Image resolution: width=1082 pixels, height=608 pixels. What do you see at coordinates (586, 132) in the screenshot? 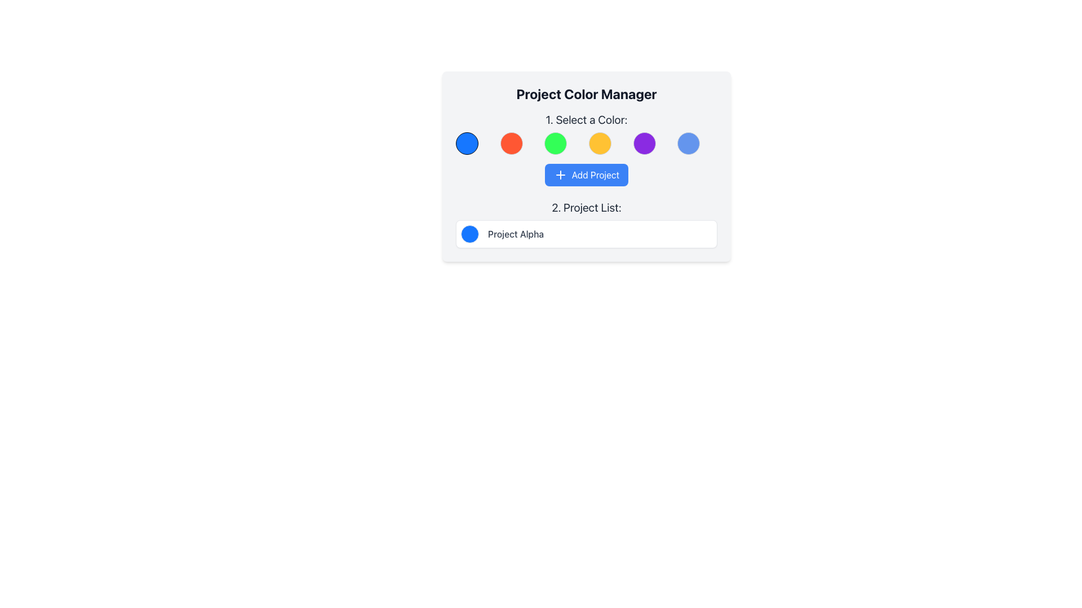
I see `text of the Label that prompts '1. Select a Color:' located within the 'Project Color Manager' panel, above the color-select buttons` at bounding box center [586, 132].